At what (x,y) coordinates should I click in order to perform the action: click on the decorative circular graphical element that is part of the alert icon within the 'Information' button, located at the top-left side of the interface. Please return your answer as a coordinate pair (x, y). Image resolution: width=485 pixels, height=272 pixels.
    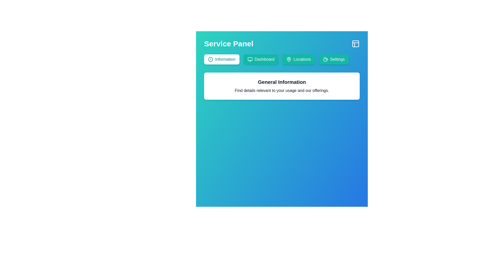
    Looking at the image, I should click on (211, 59).